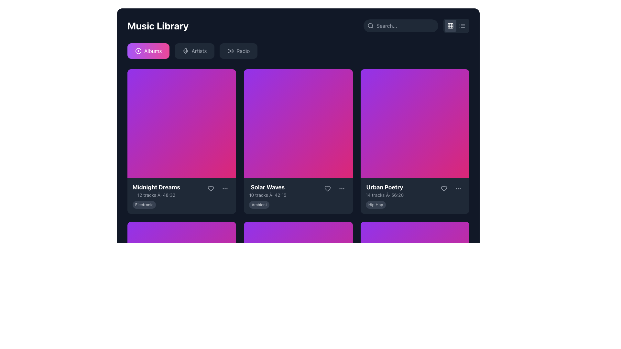 Image resolution: width=621 pixels, height=349 pixels. Describe the element at coordinates (243, 51) in the screenshot. I see `the 'Radio' text label within the button in the navigation bar, which is styled with a light font color against a dark background` at that location.